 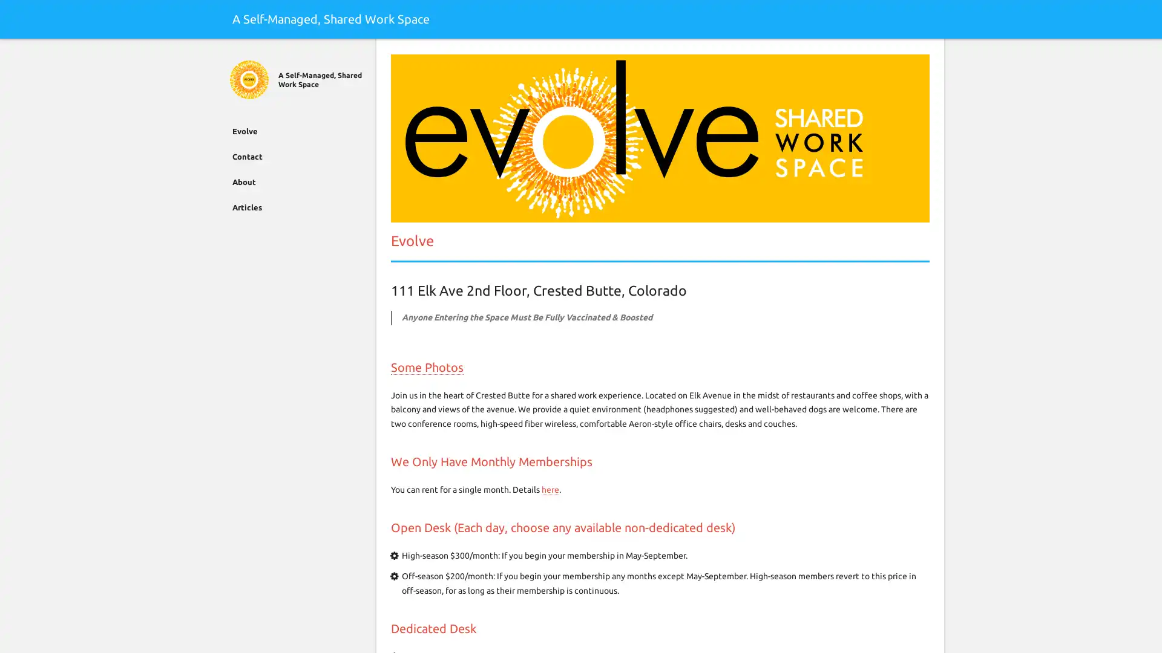 What do you see at coordinates (237, 53) in the screenshot?
I see `Close` at bounding box center [237, 53].